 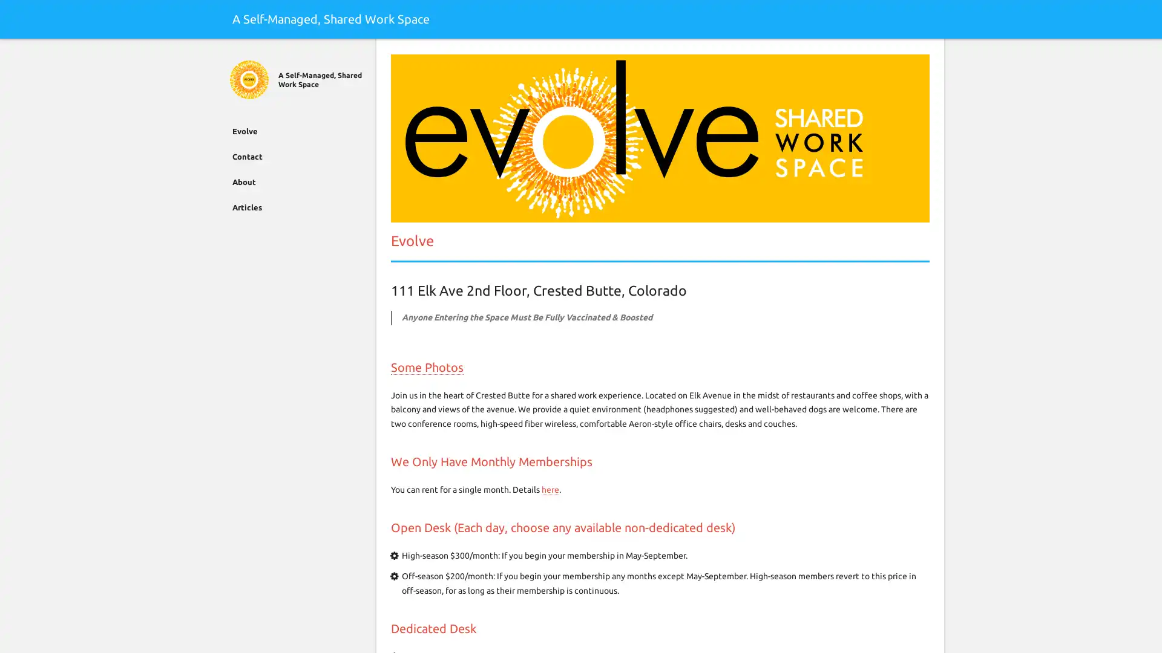 What do you see at coordinates (237, 53) in the screenshot?
I see `Close` at bounding box center [237, 53].